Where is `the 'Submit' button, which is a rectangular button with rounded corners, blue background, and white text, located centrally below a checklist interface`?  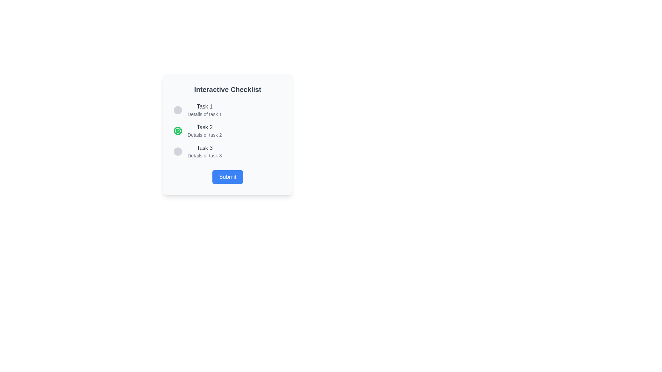
the 'Submit' button, which is a rectangular button with rounded corners, blue background, and white text, located centrally below a checklist interface is located at coordinates (228, 176).